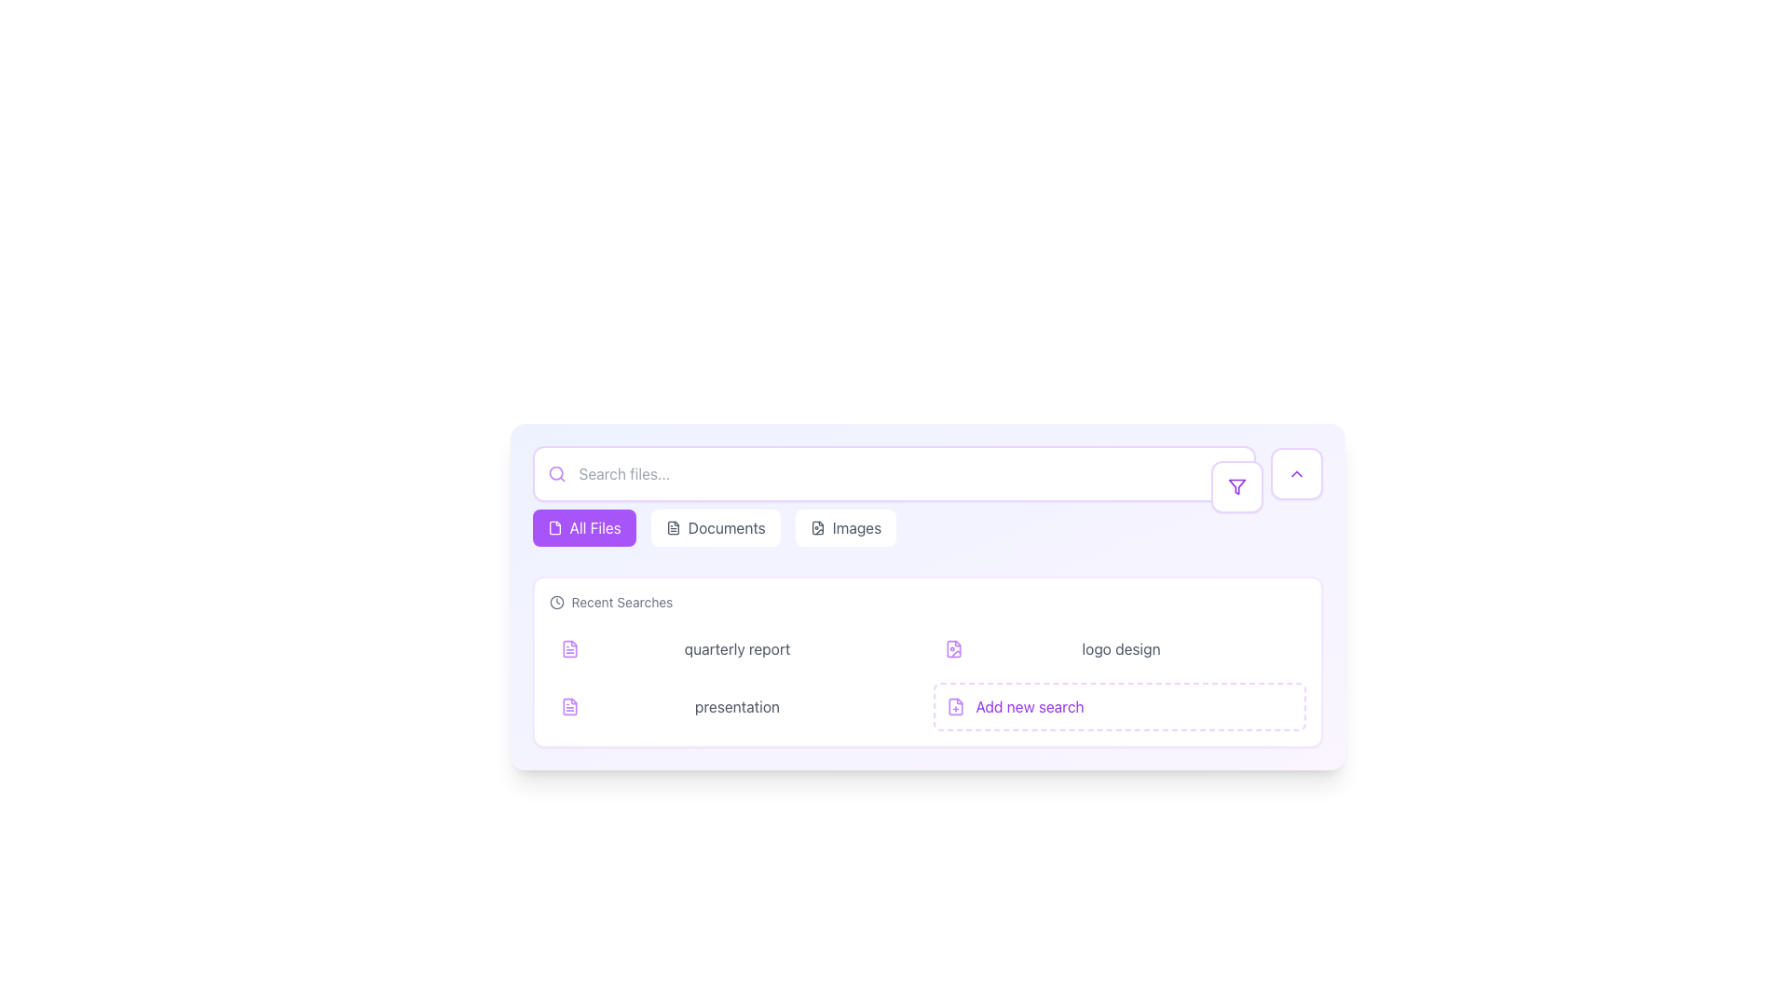 The image size is (1789, 1006). What do you see at coordinates (734, 648) in the screenshot?
I see `the text label 'quarterly report' in the 'Recent Searches' section` at bounding box center [734, 648].